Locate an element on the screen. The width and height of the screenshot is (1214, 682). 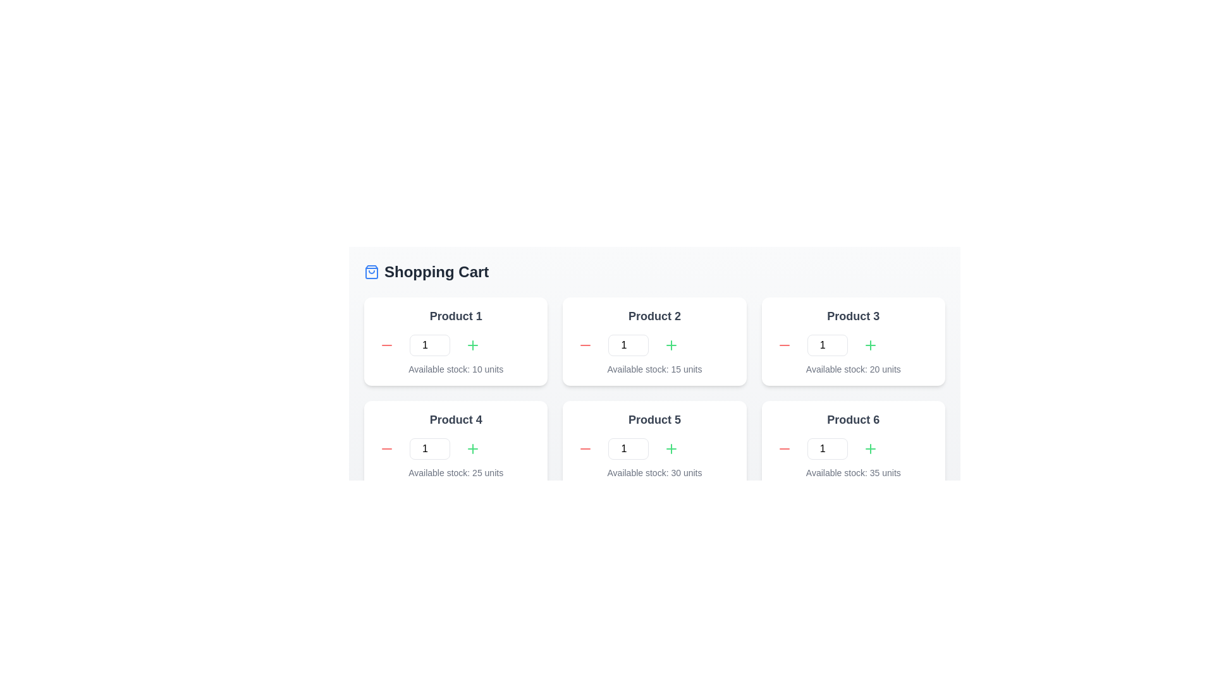
the minus button located on the left side of the controls for 'Product 6' is located at coordinates (783, 448).